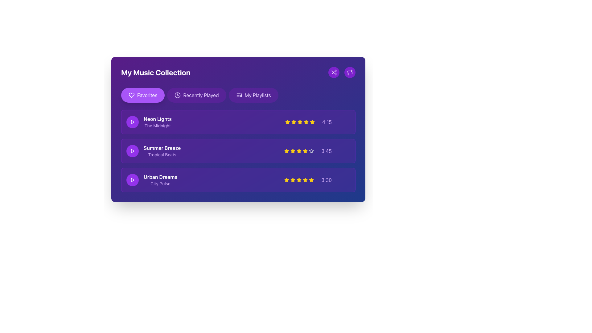  What do you see at coordinates (306, 122) in the screenshot?
I see `the first golden rating star for the music item 'Neon Lights' in the playlist` at bounding box center [306, 122].